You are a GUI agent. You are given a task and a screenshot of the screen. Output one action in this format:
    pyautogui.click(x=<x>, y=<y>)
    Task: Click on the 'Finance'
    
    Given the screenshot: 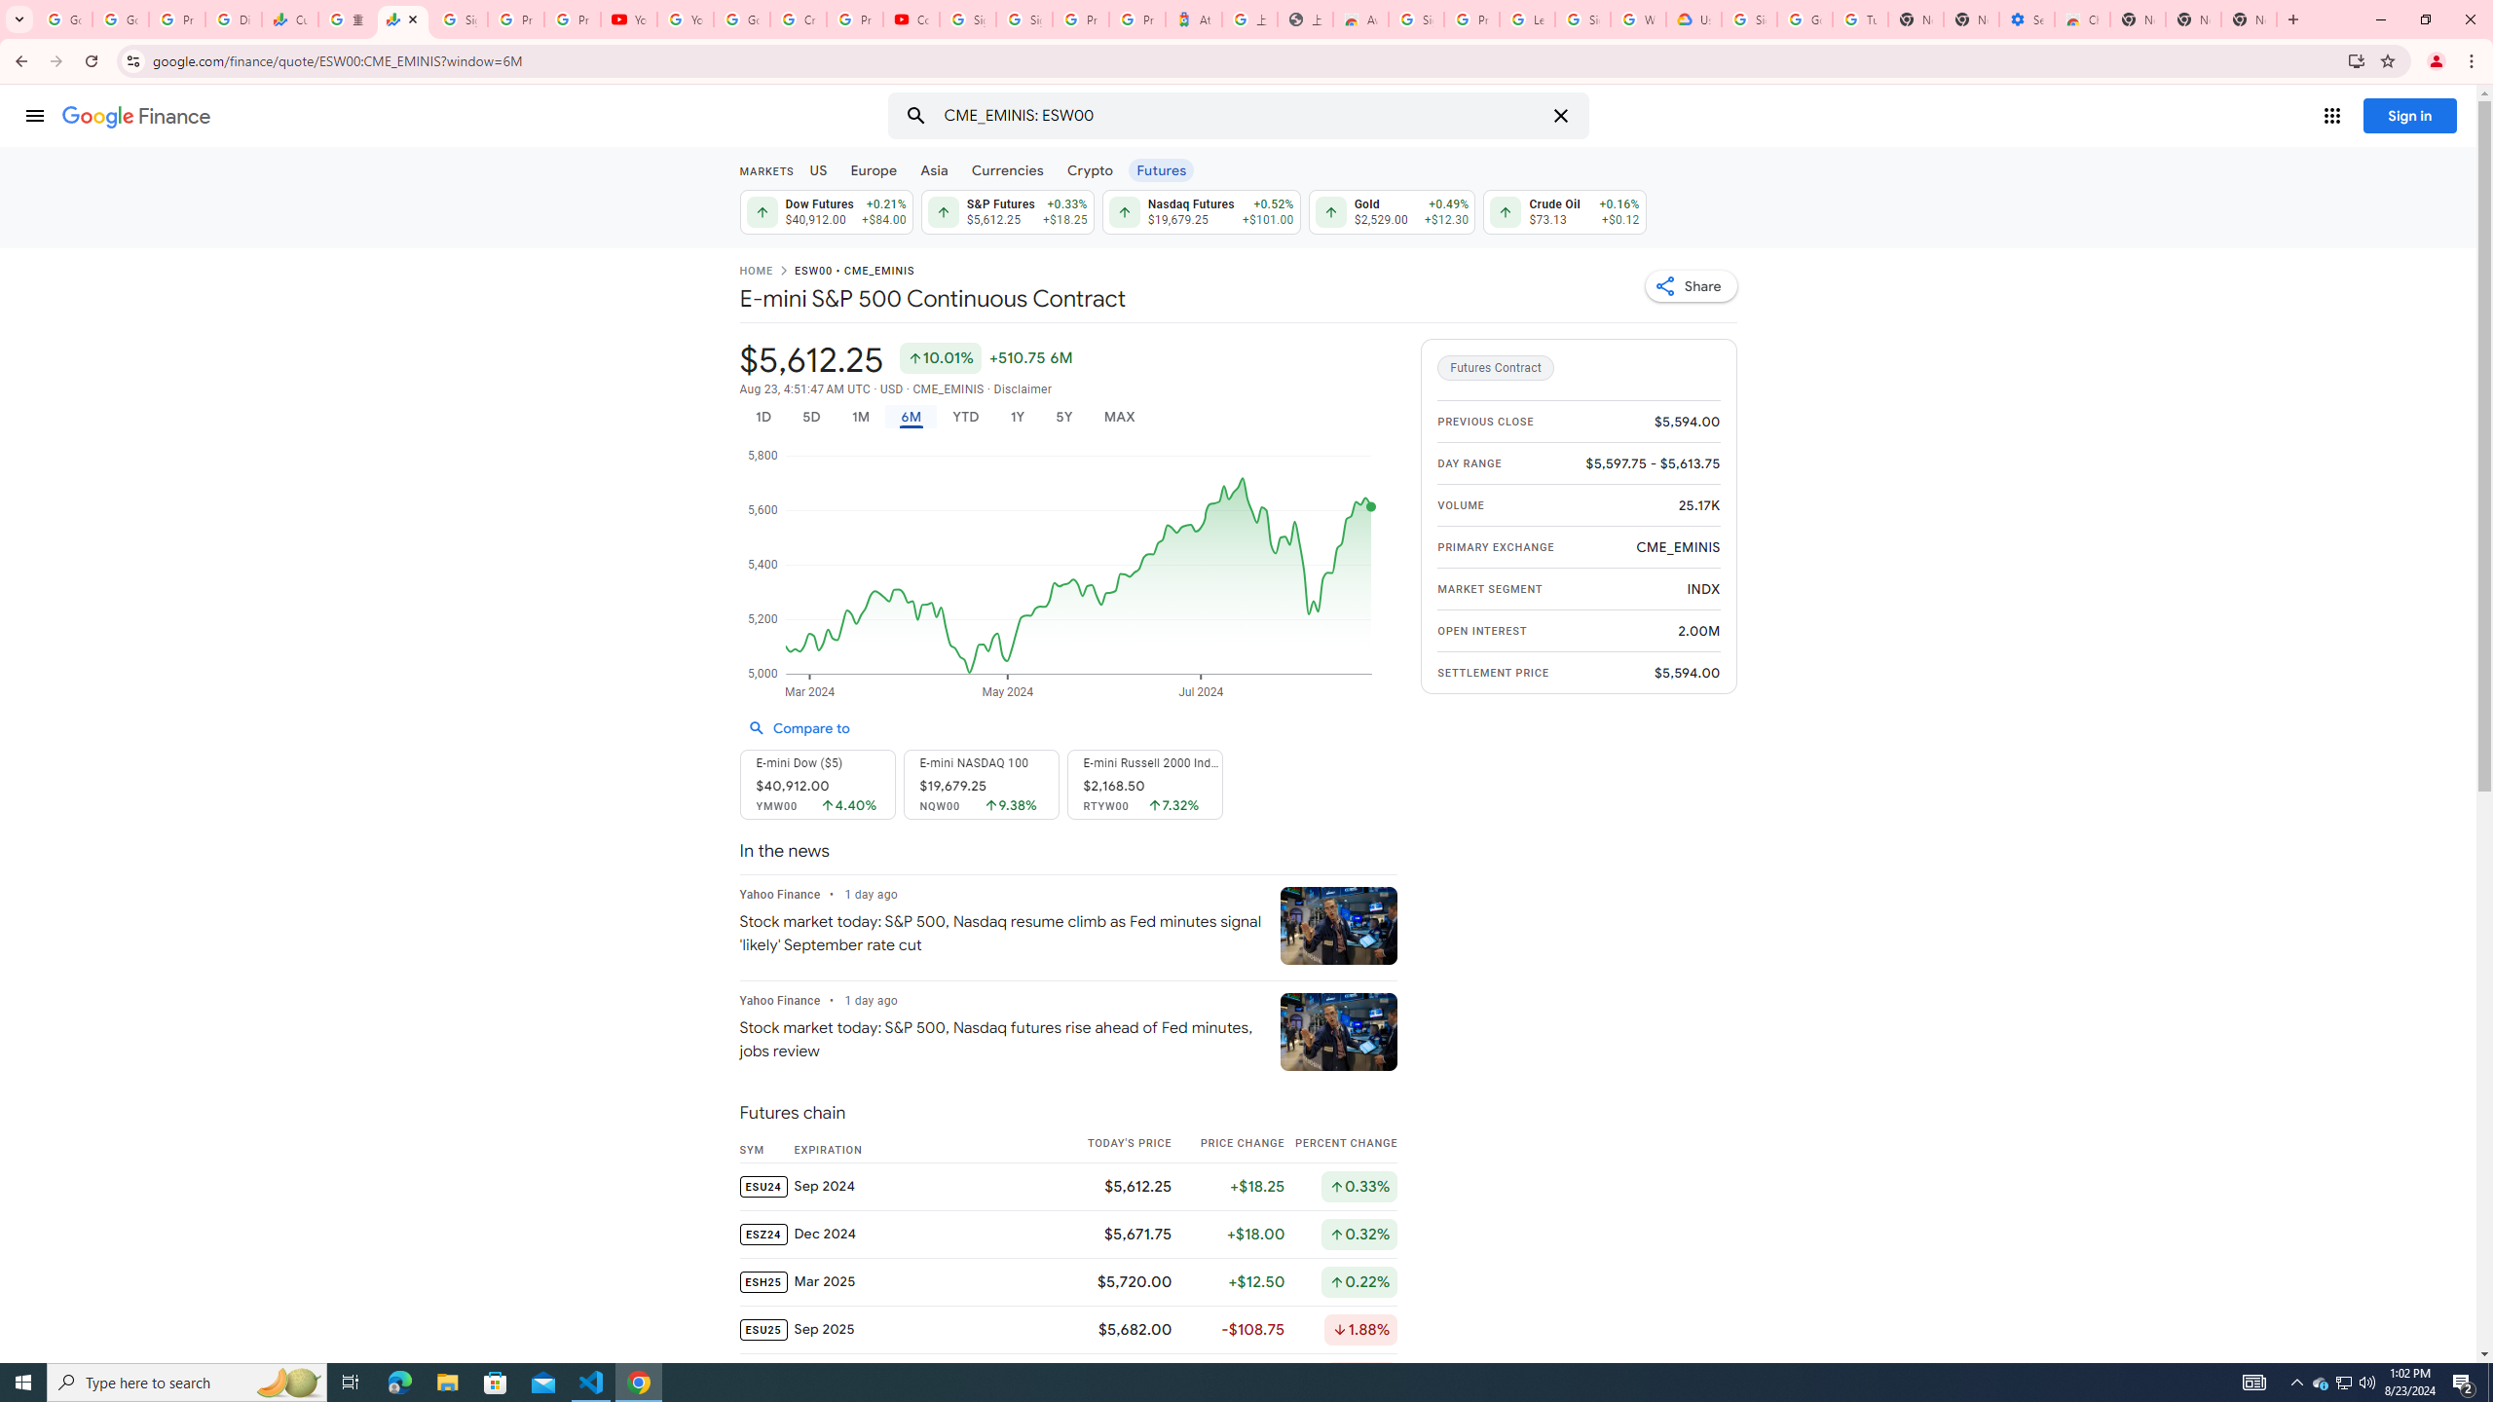 What is the action you would take?
    pyautogui.click(x=135, y=116)
    